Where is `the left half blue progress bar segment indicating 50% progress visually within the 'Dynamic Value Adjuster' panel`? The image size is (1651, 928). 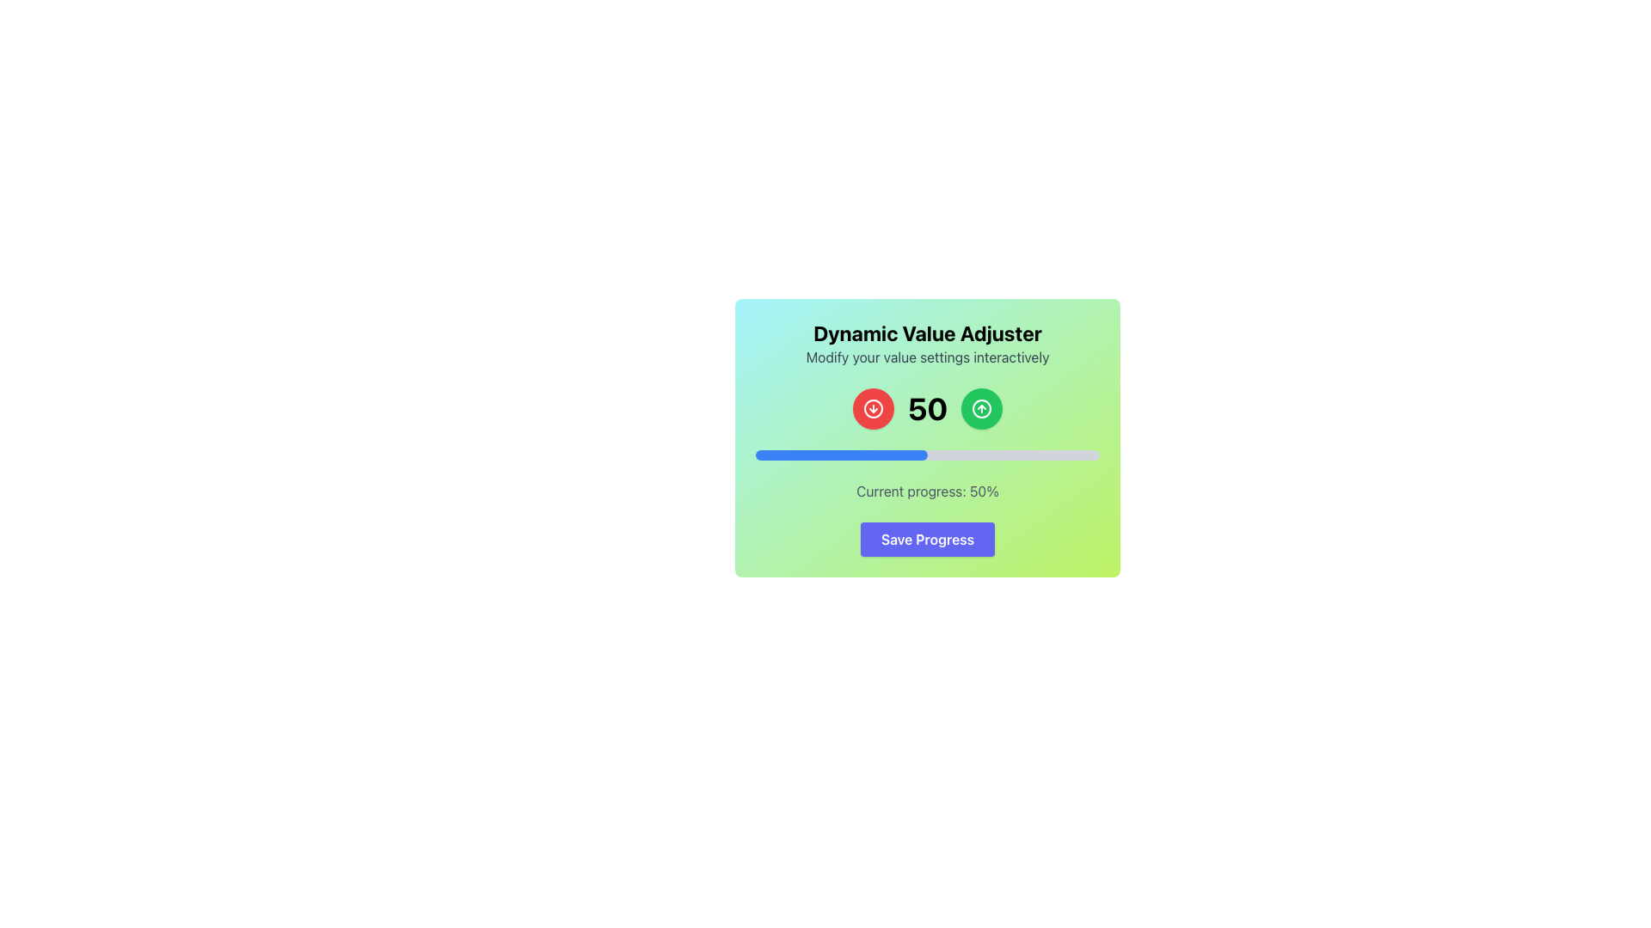 the left half blue progress bar segment indicating 50% progress visually within the 'Dynamic Value Adjuster' panel is located at coordinates (842, 454).